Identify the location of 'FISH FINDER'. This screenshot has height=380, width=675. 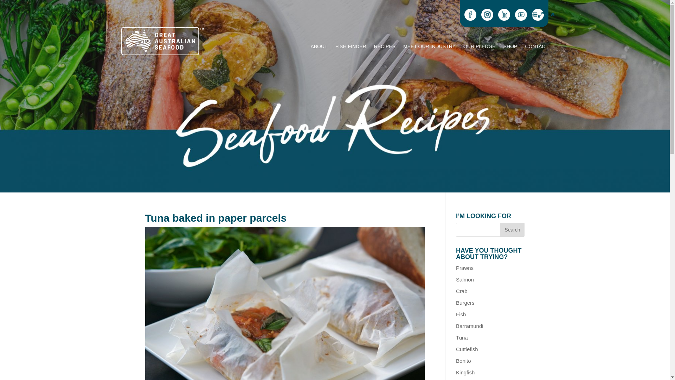
(351, 47).